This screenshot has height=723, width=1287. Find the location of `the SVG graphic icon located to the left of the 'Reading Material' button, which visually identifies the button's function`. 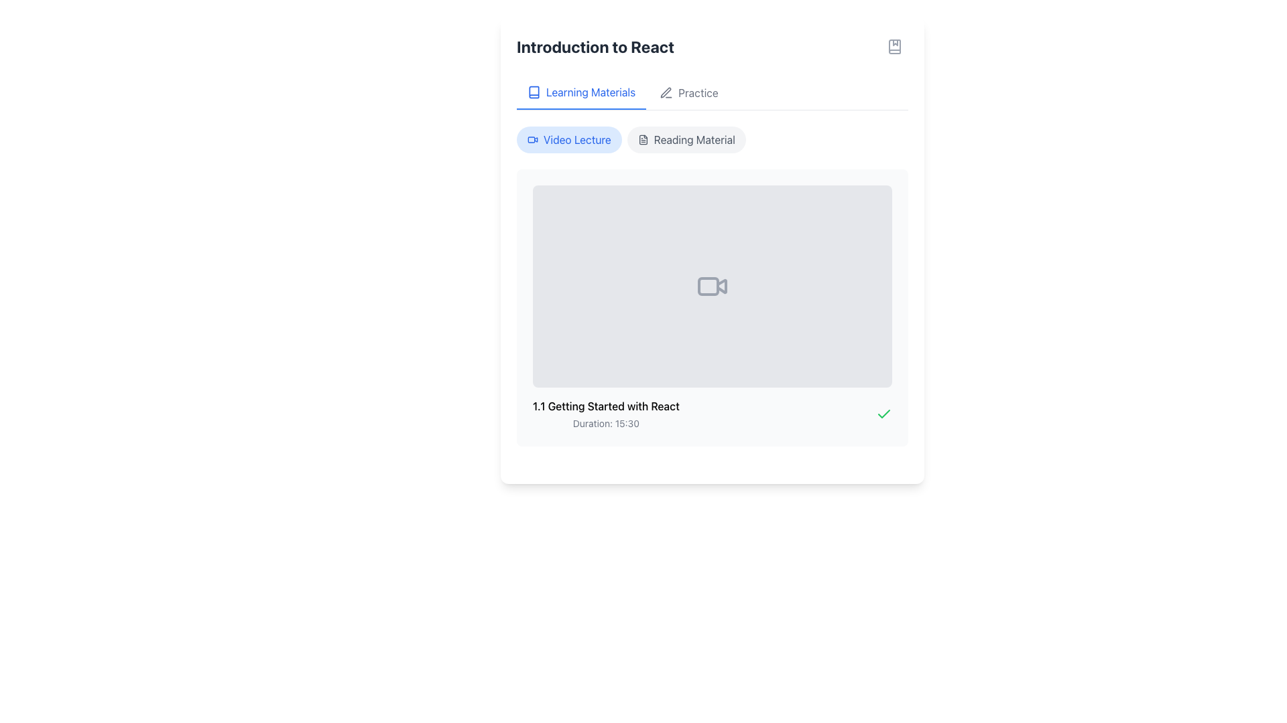

the SVG graphic icon located to the left of the 'Reading Material' button, which visually identifies the button's function is located at coordinates (642, 139).